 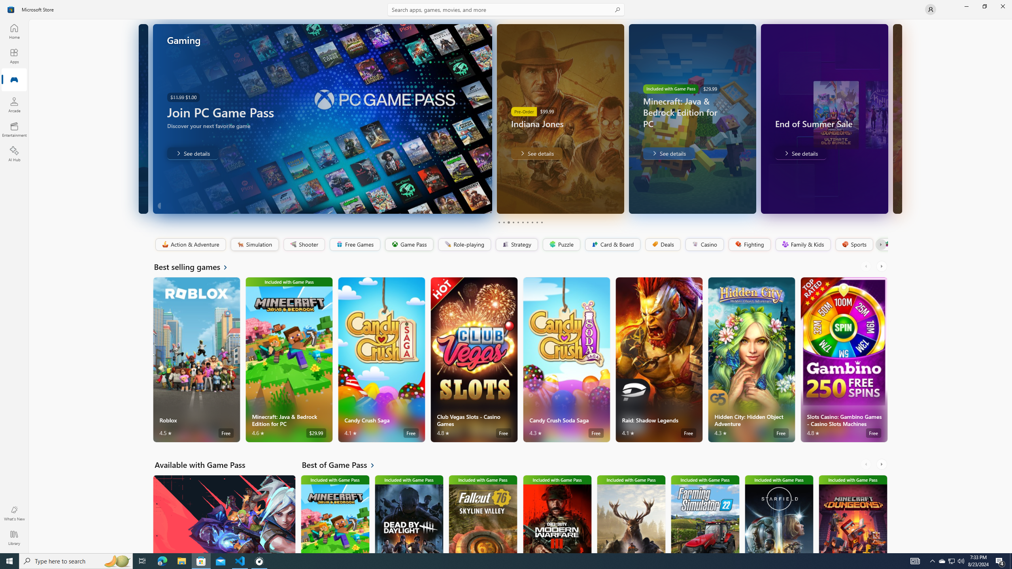 I want to click on 'Page 7', so click(x=527, y=222).